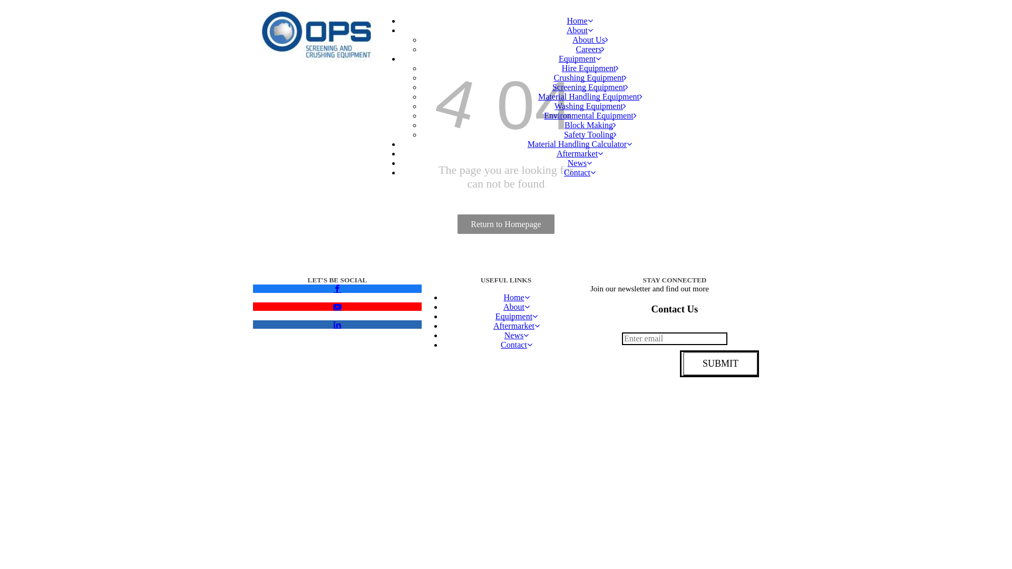  I want to click on 'Environmental Equipment', so click(589, 115).